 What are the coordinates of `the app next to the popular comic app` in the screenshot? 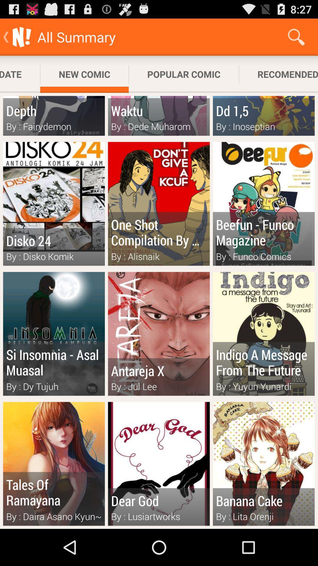 It's located at (84, 74).